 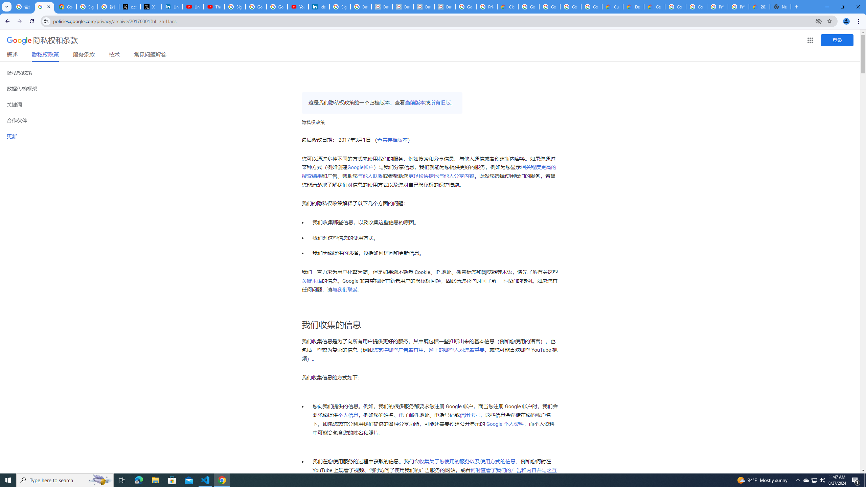 What do you see at coordinates (696, 6) in the screenshot?
I see `'Google Cloud Platform'` at bounding box center [696, 6].